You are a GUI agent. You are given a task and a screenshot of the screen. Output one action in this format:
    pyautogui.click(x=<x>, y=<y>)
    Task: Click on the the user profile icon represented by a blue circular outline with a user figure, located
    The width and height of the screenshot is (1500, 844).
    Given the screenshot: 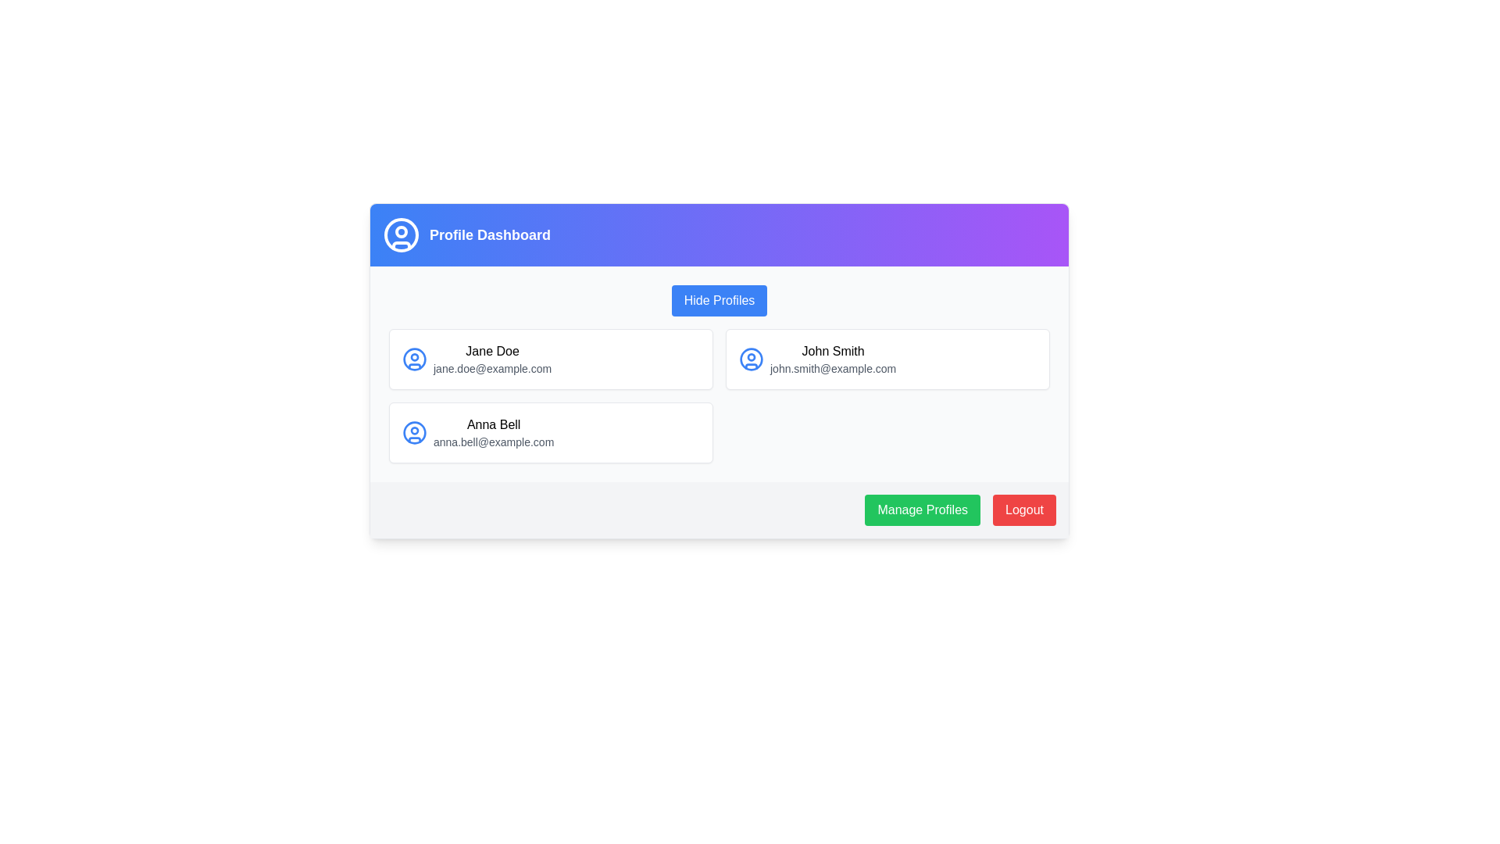 What is the action you would take?
    pyautogui.click(x=415, y=359)
    